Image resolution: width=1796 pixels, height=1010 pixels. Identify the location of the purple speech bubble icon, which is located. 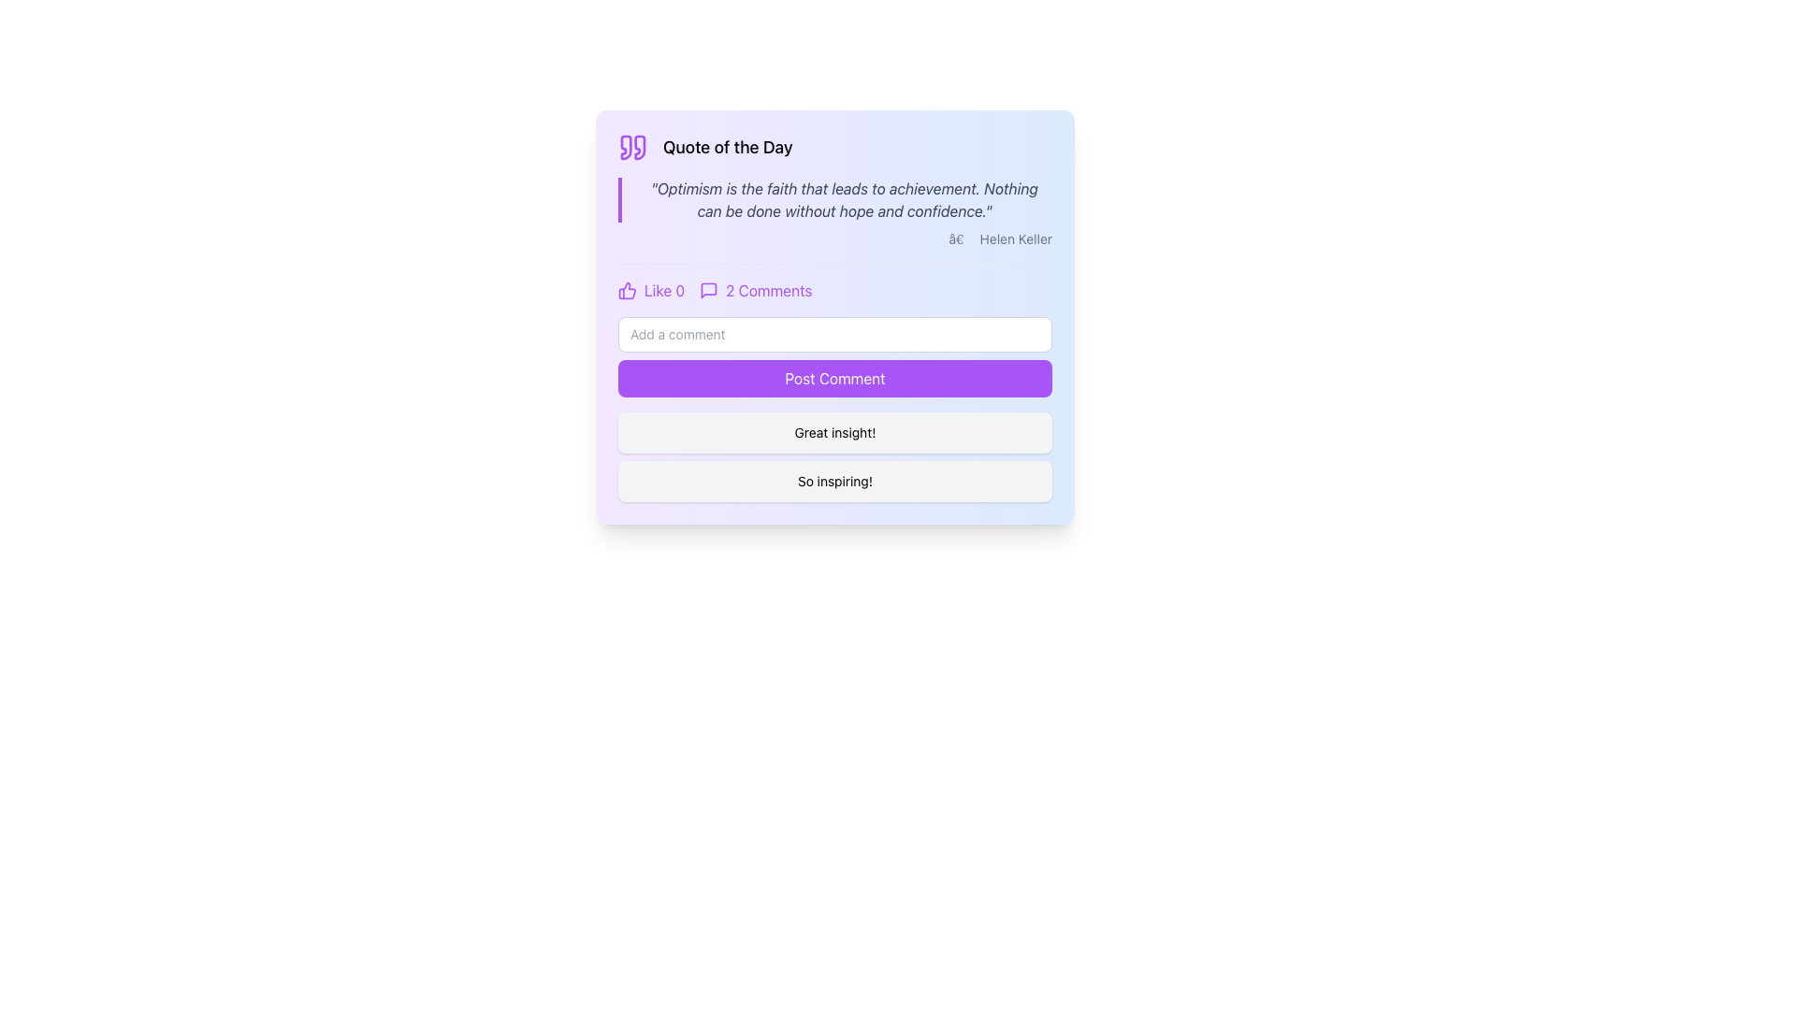
(708, 291).